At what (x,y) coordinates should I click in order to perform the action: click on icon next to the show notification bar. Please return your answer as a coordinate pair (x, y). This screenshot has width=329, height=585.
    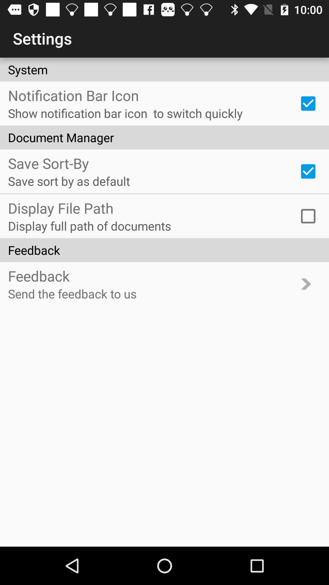
    Looking at the image, I should click on (308, 103).